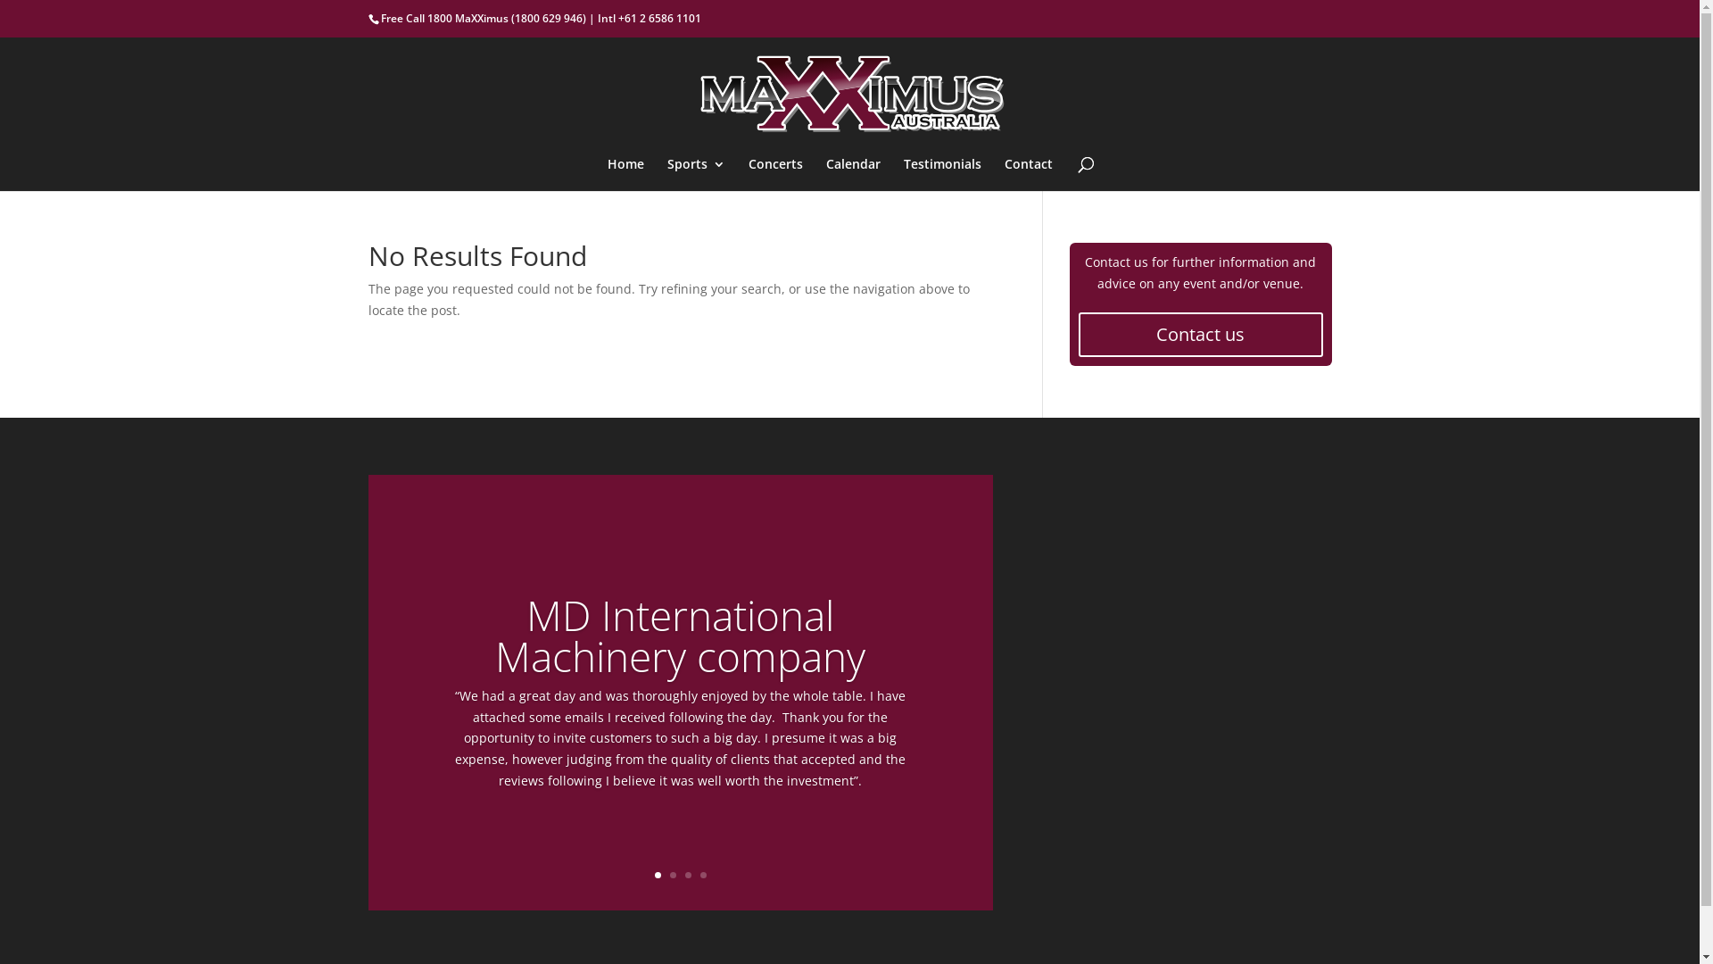 This screenshot has width=1713, height=964. I want to click on 'Testimonials', so click(941, 174).